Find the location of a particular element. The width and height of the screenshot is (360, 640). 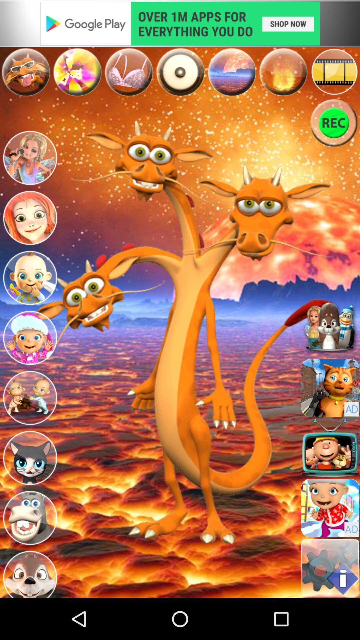

fire breathing options is located at coordinates (283, 72).